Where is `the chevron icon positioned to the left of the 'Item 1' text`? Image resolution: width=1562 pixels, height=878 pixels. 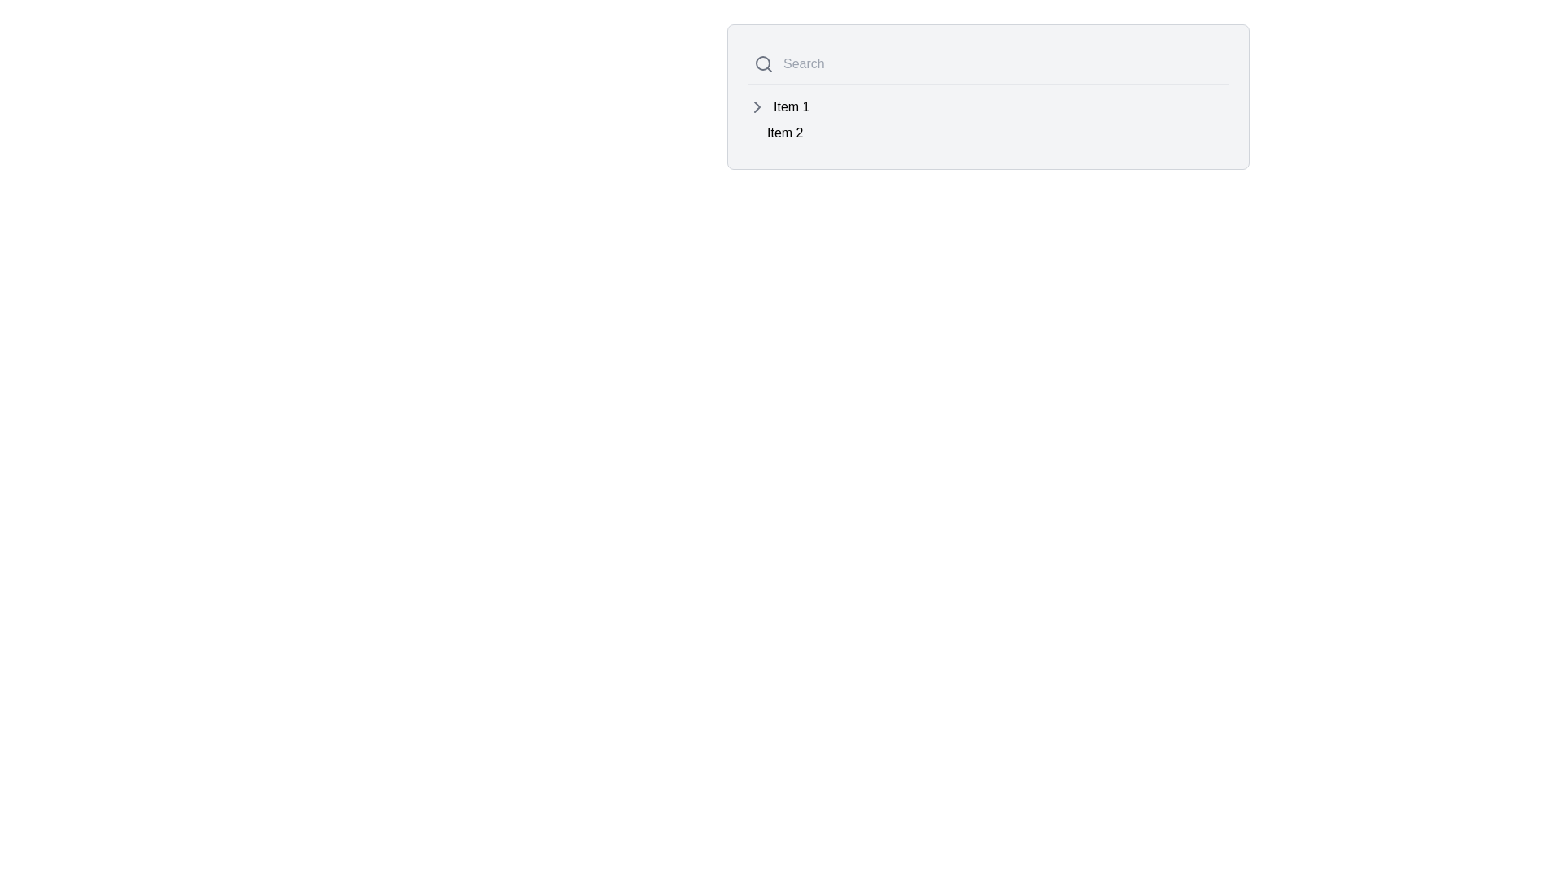
the chevron icon positioned to the left of the 'Item 1' text is located at coordinates (757, 106).